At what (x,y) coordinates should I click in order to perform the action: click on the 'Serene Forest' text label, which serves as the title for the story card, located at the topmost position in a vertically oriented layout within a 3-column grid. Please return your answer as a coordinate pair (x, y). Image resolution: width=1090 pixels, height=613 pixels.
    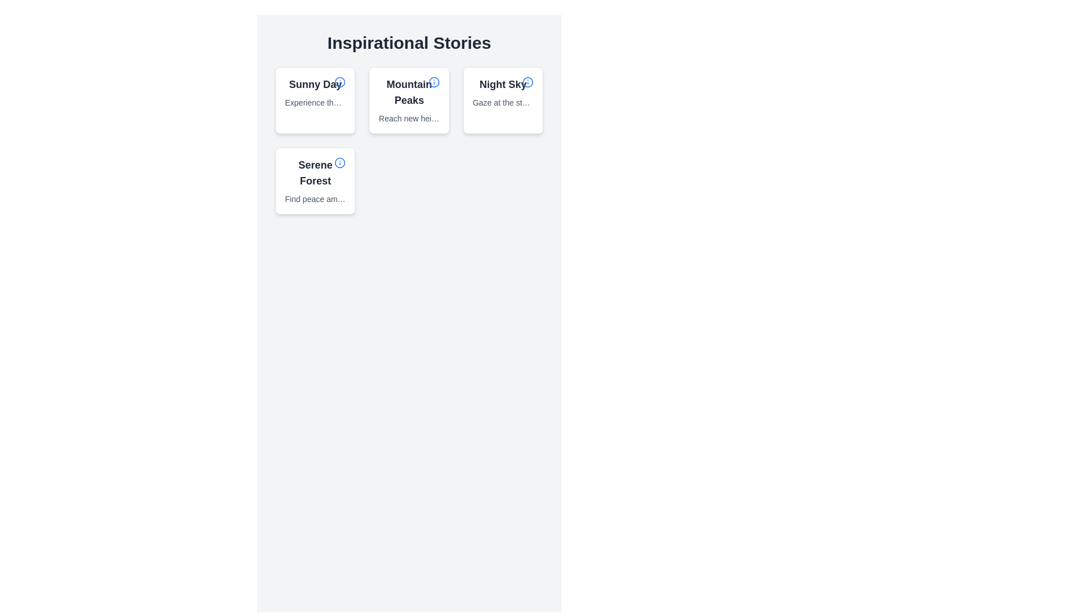
    Looking at the image, I should click on (315, 173).